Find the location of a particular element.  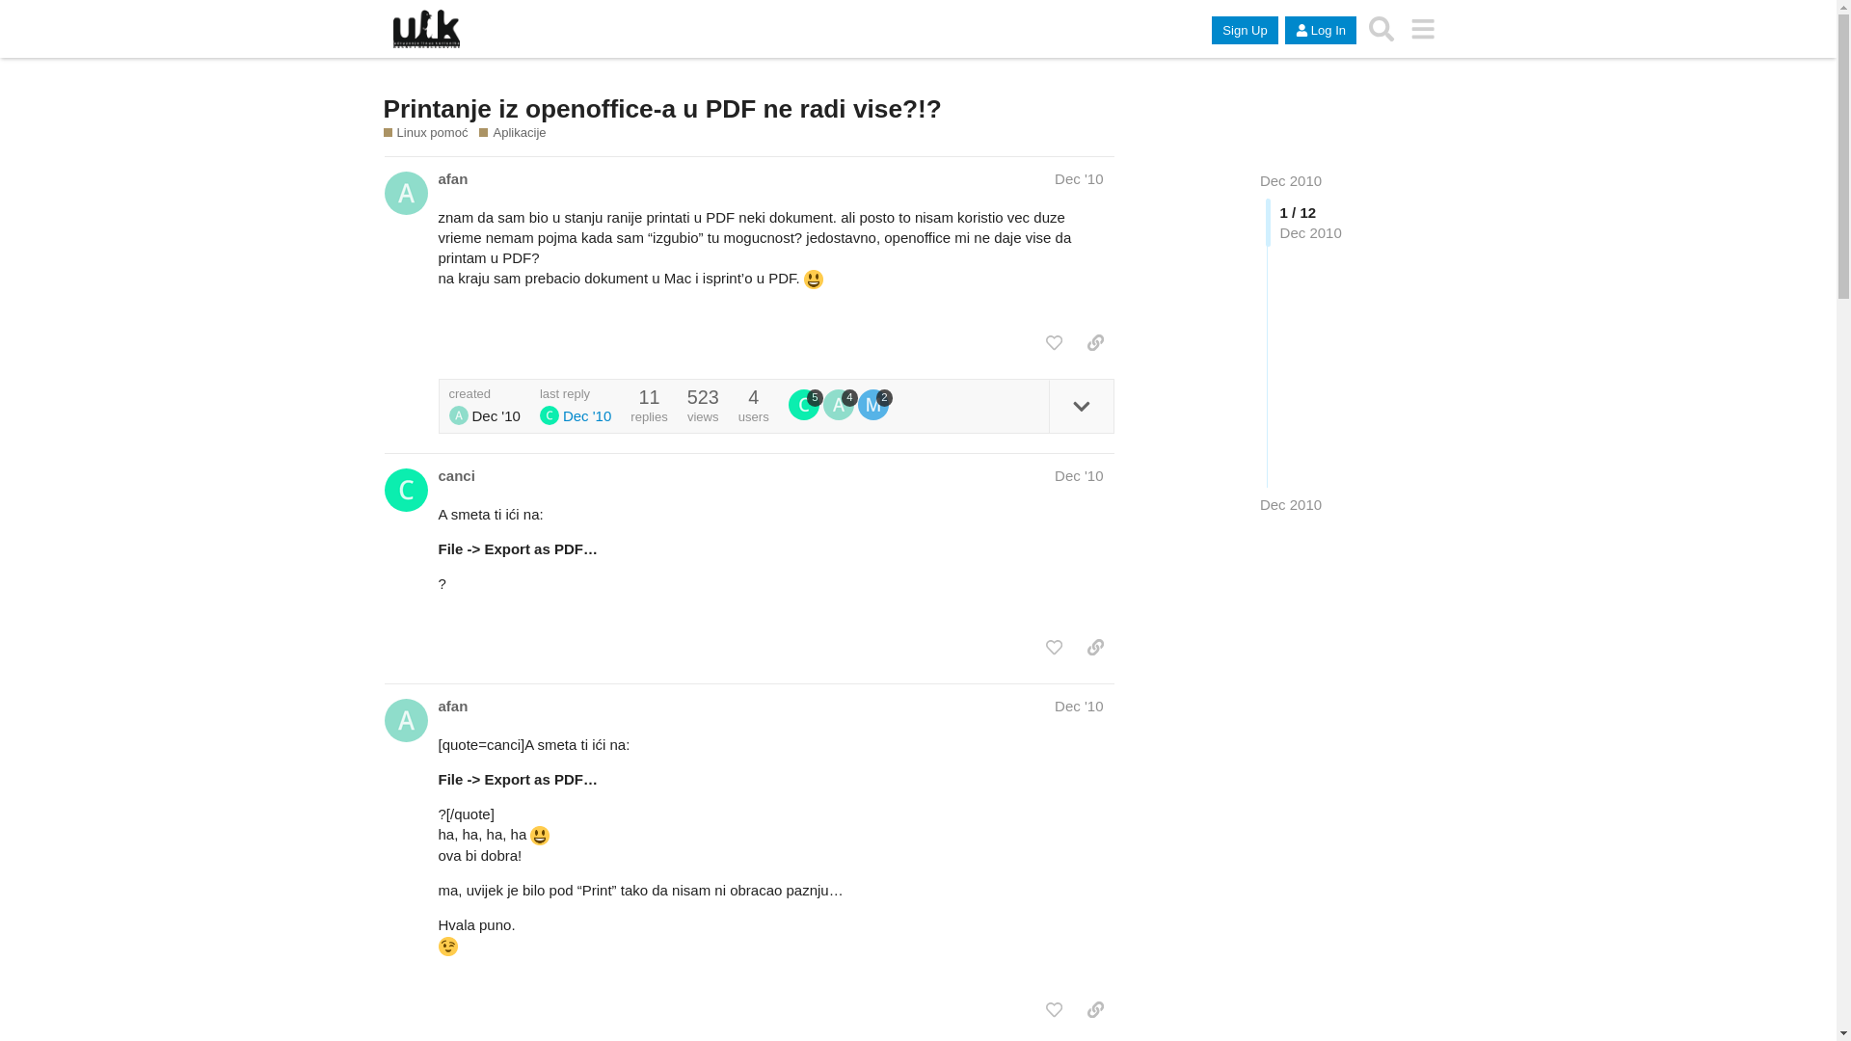

'expand topic details' is located at coordinates (1081, 405).